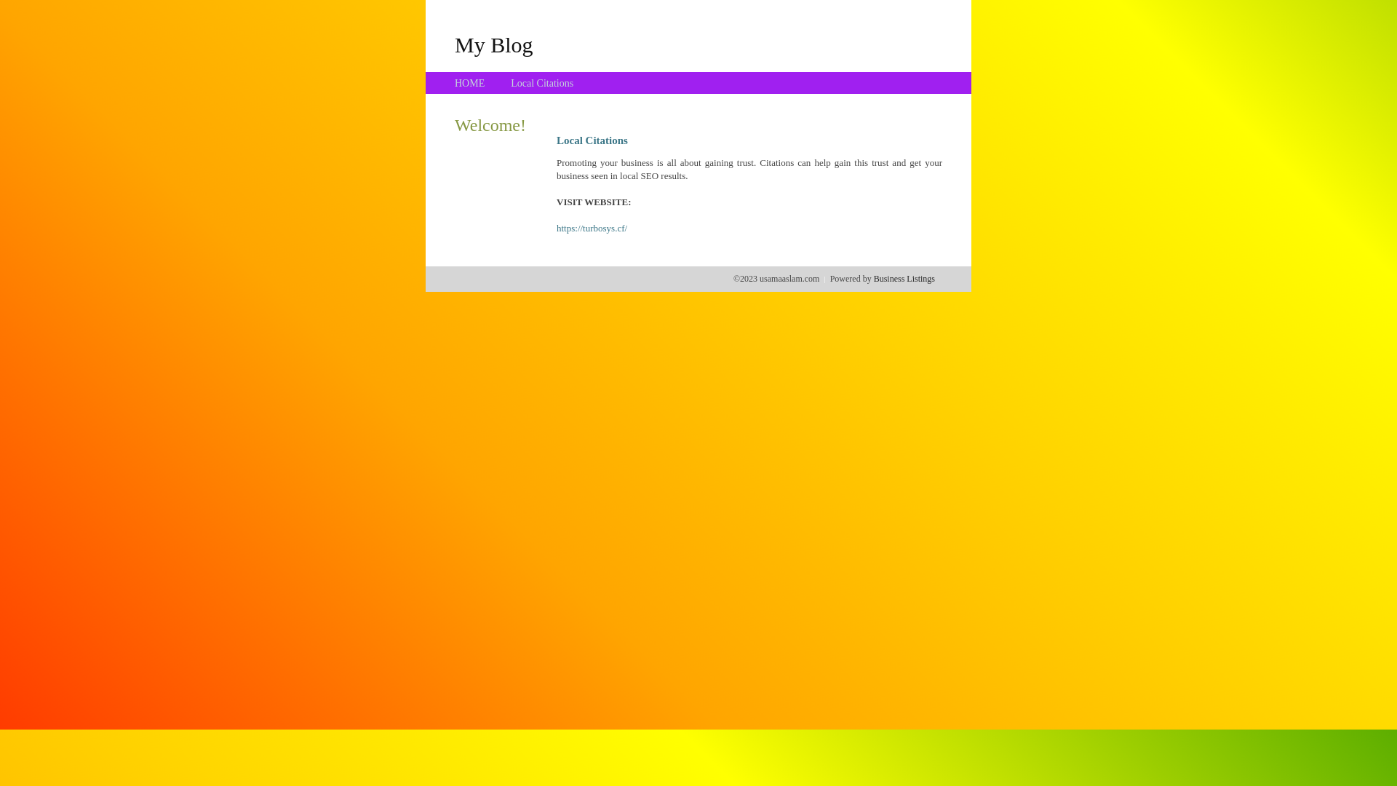 Image resolution: width=1397 pixels, height=786 pixels. What do you see at coordinates (592, 228) in the screenshot?
I see `'https://turbosys.cf/'` at bounding box center [592, 228].